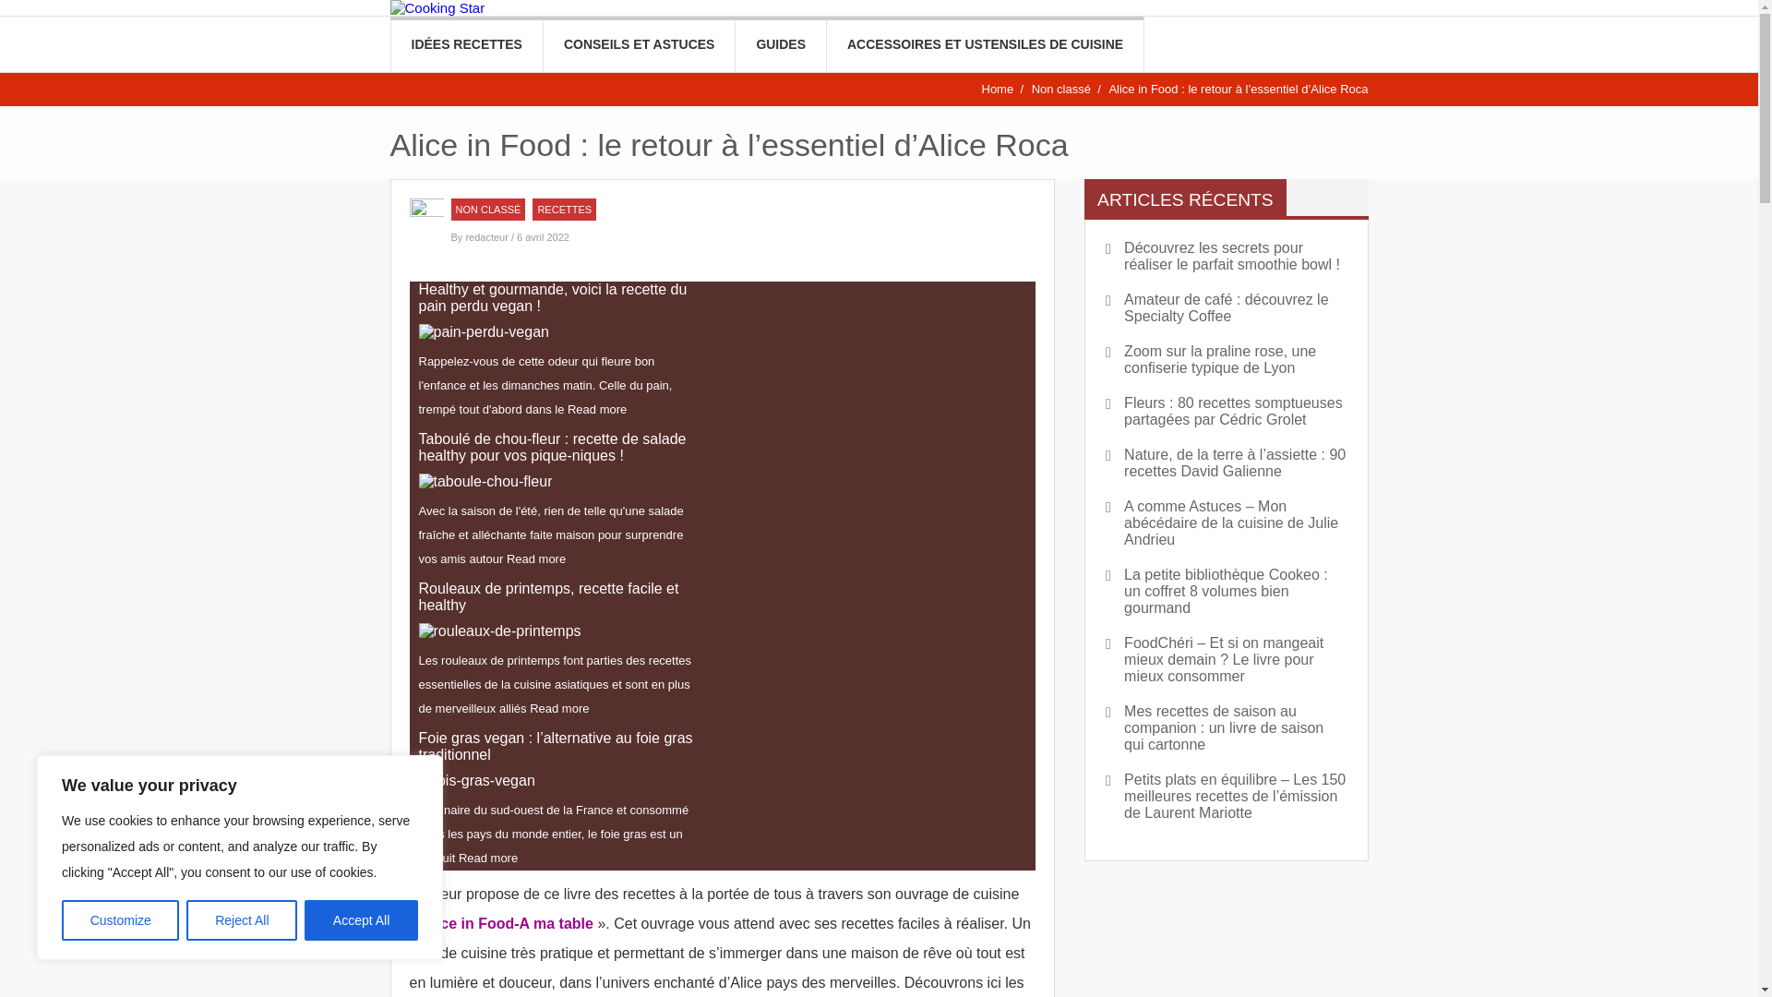  Describe the element at coordinates (780, 42) in the screenshot. I see `'GUIDES'` at that location.